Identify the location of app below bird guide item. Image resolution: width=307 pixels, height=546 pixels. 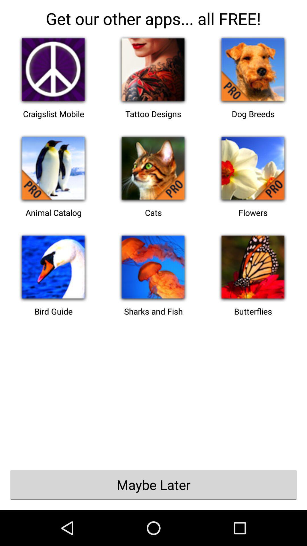
(153, 484).